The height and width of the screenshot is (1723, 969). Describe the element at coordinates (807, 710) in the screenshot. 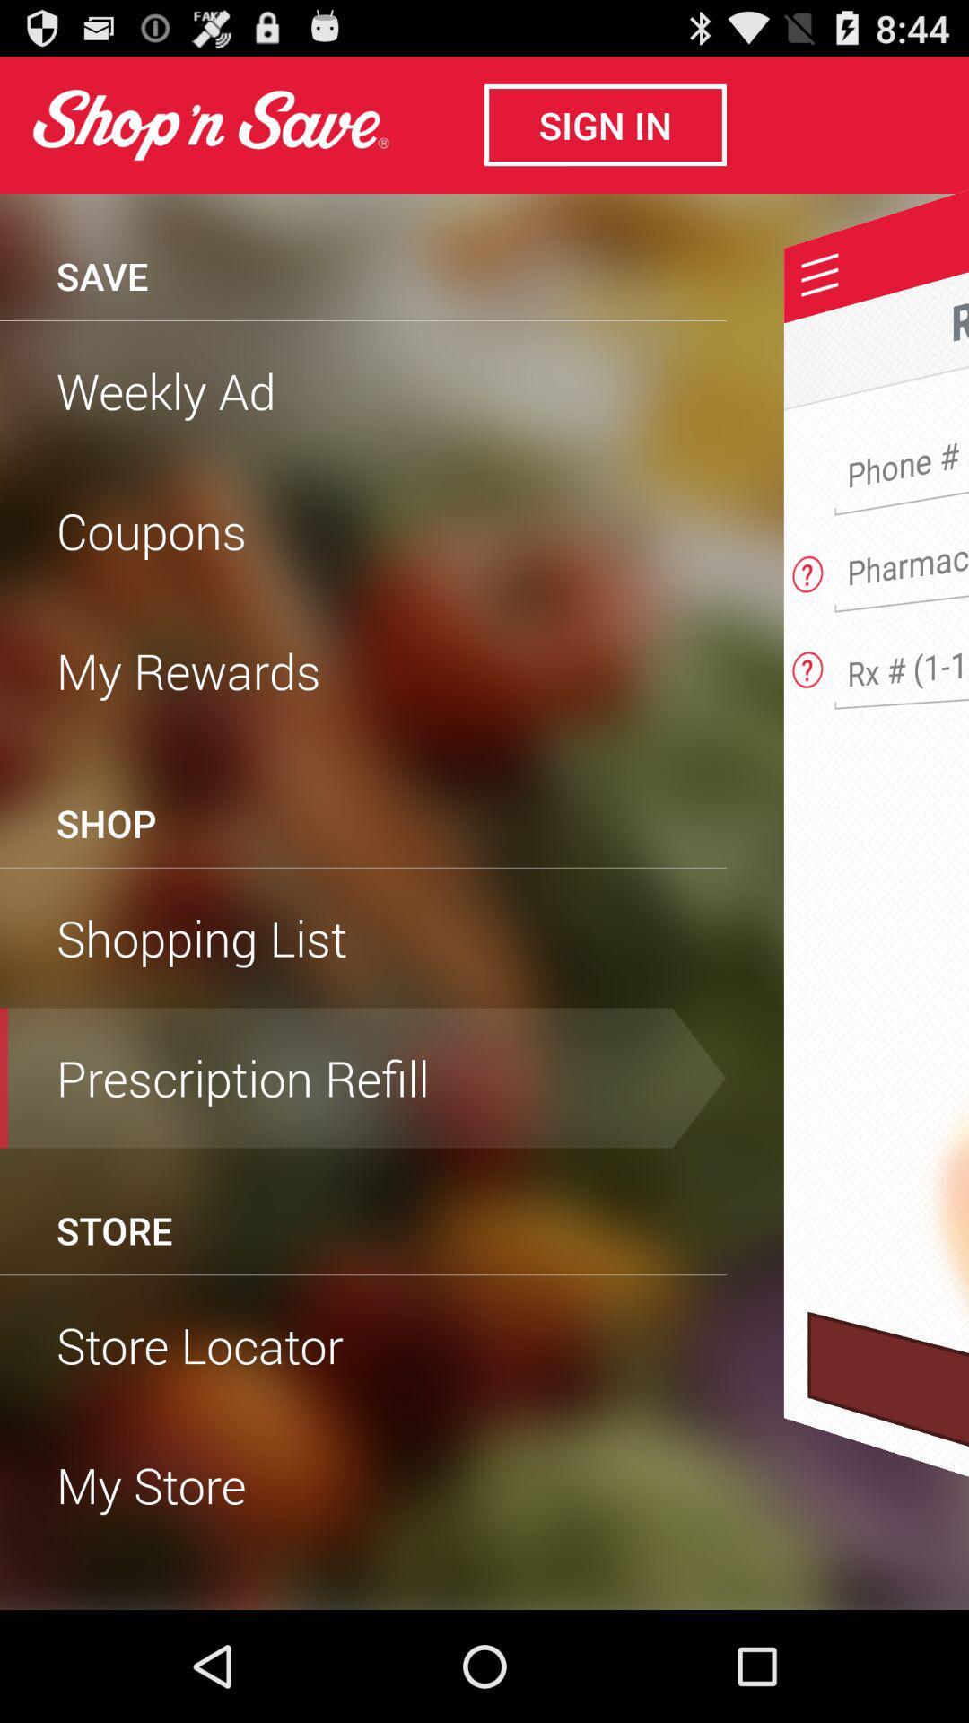

I see `the help icon` at that location.